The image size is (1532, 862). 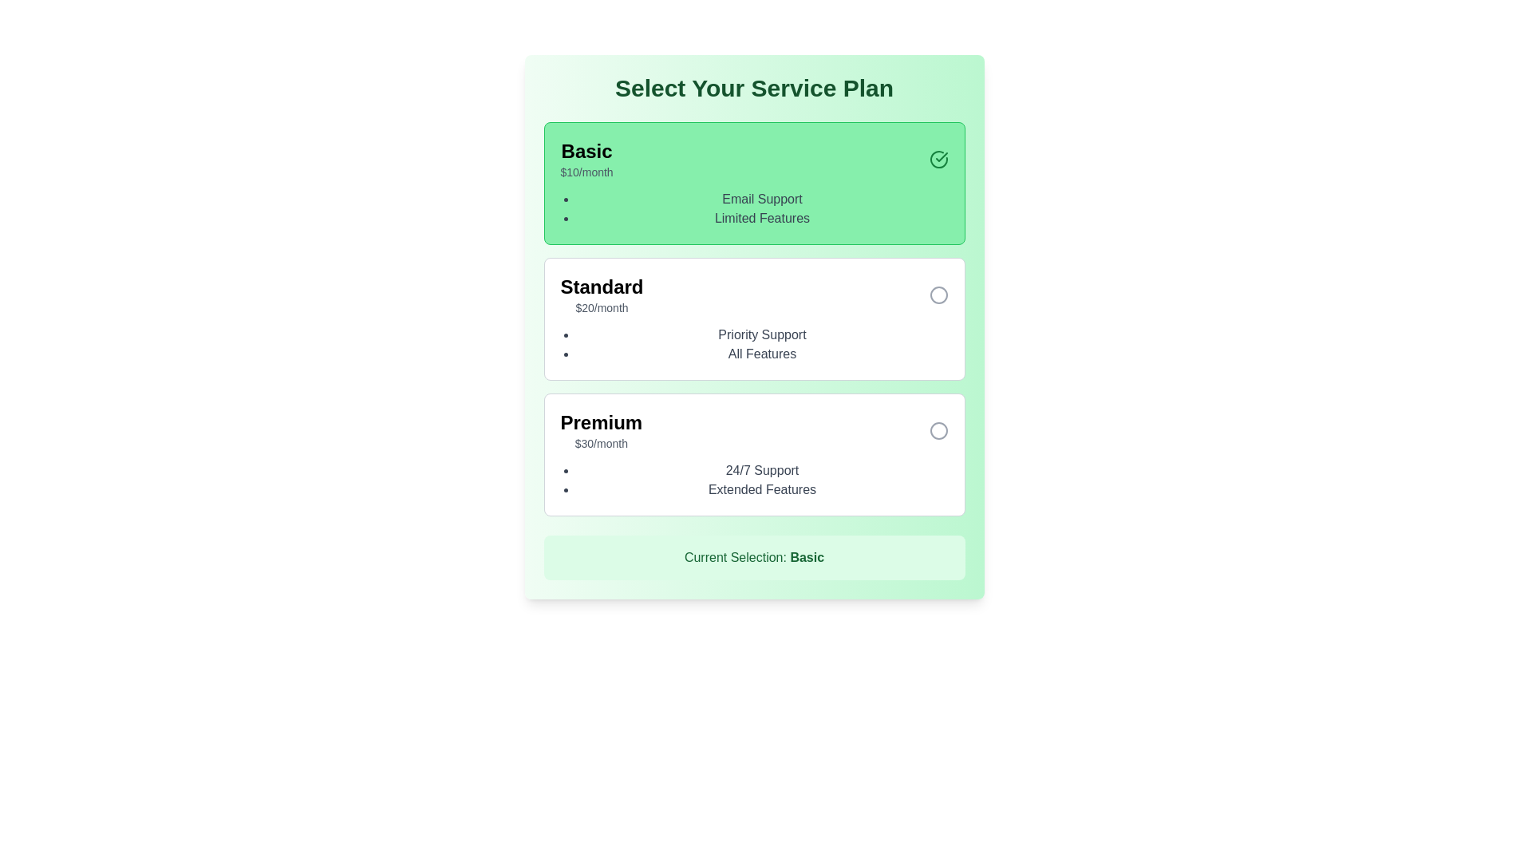 What do you see at coordinates (761, 199) in the screenshot?
I see `the static text label that reads 'Email Support', which is styled in a simple, sans-serif font, black color on a light green background, located within the 'Basic $10/month' section` at bounding box center [761, 199].